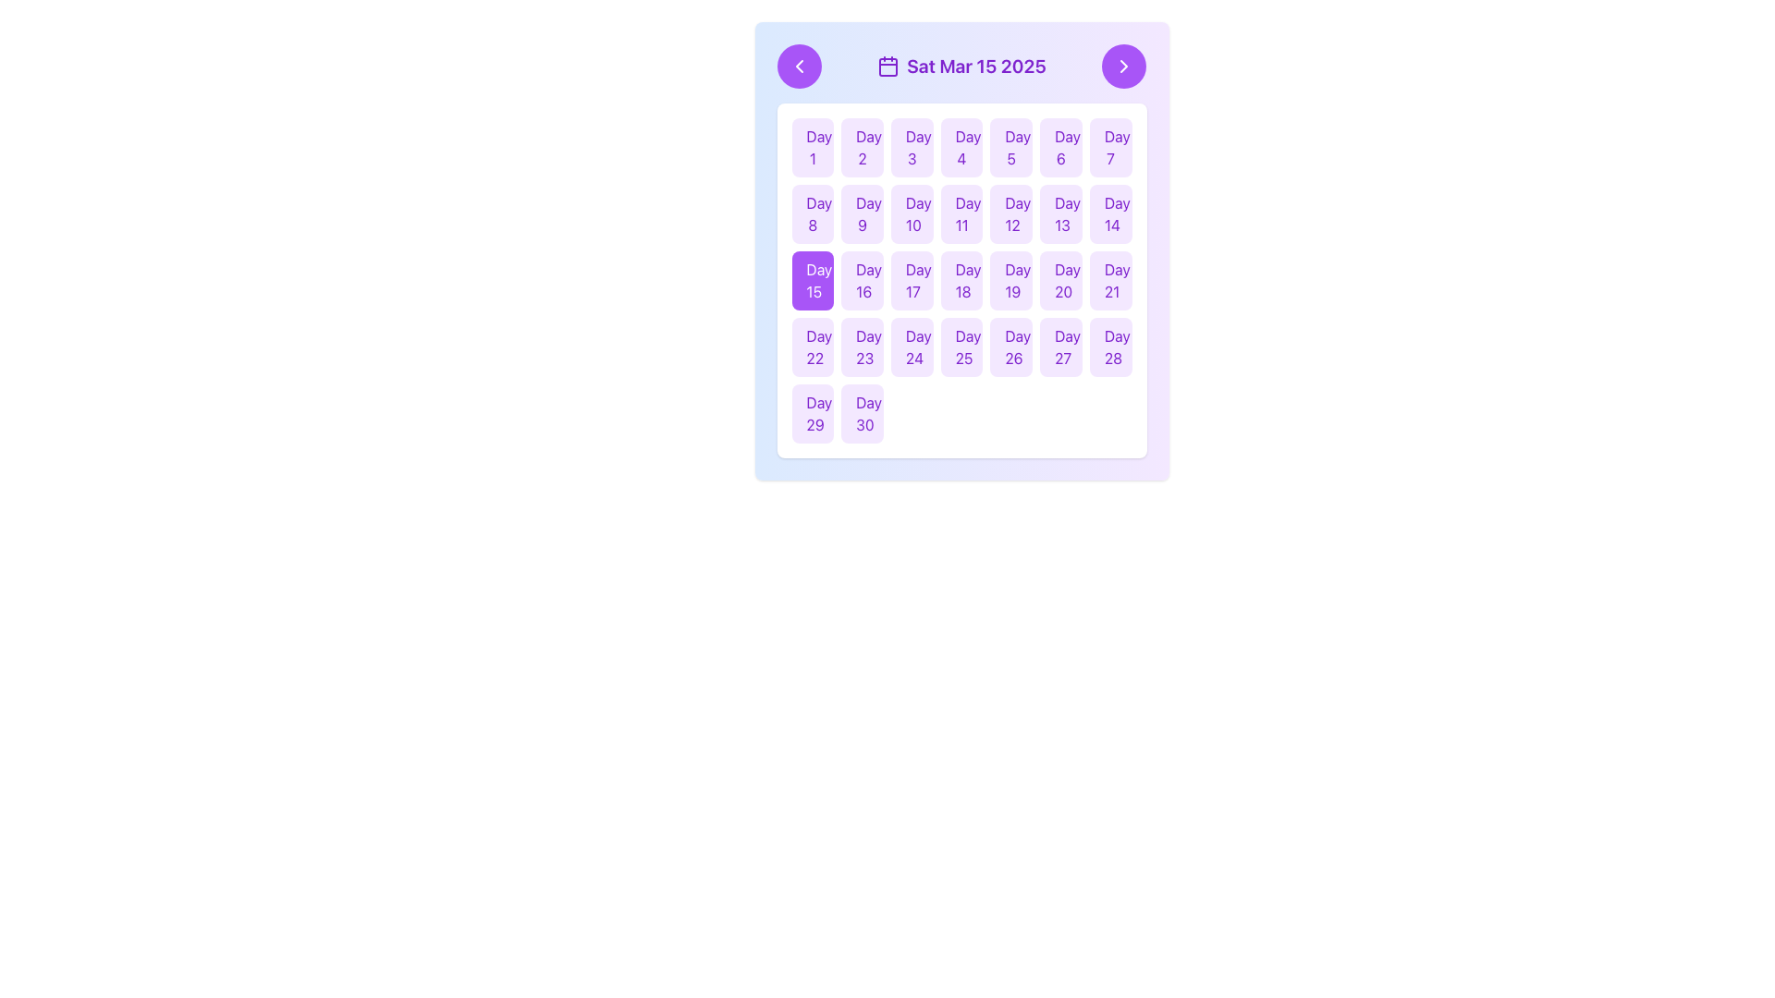 This screenshot has height=998, width=1775. Describe the element at coordinates (862, 347) in the screenshot. I see `the calendar cell displaying 'Day 23' with a purple background` at that location.